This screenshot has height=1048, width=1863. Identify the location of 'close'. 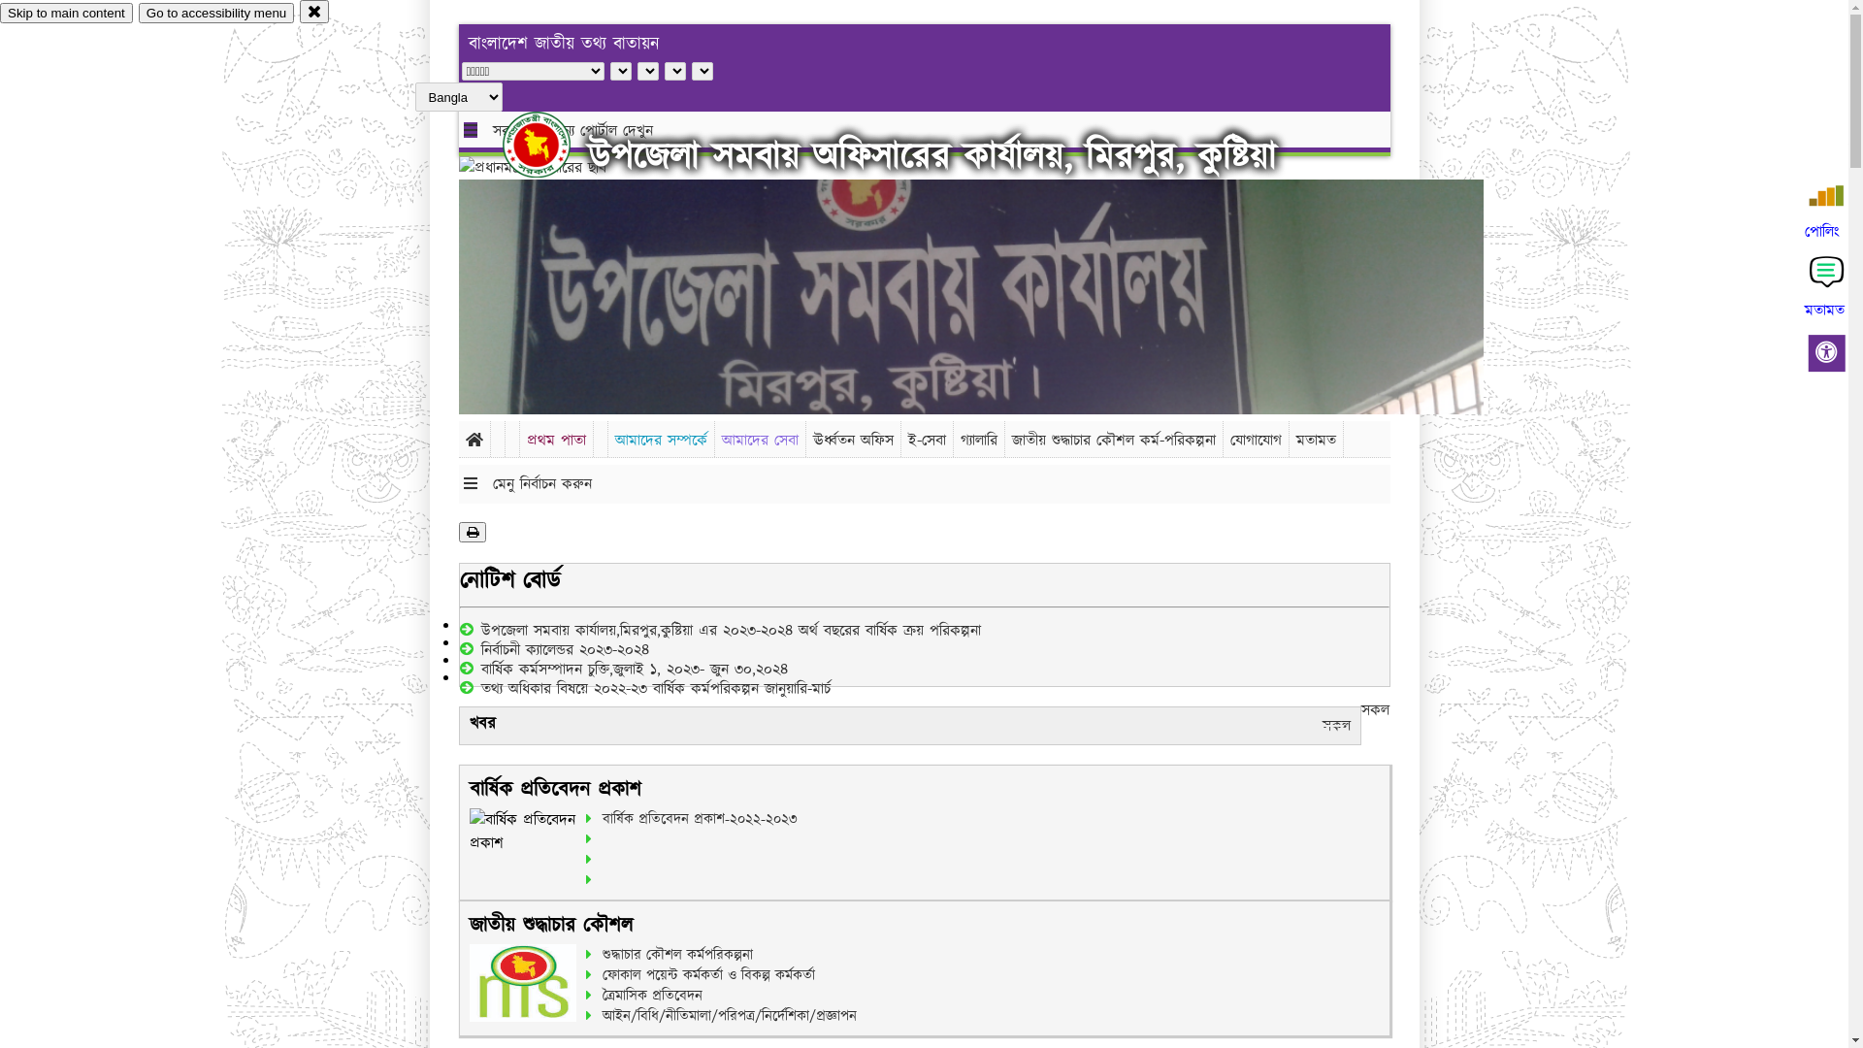
(298, 11).